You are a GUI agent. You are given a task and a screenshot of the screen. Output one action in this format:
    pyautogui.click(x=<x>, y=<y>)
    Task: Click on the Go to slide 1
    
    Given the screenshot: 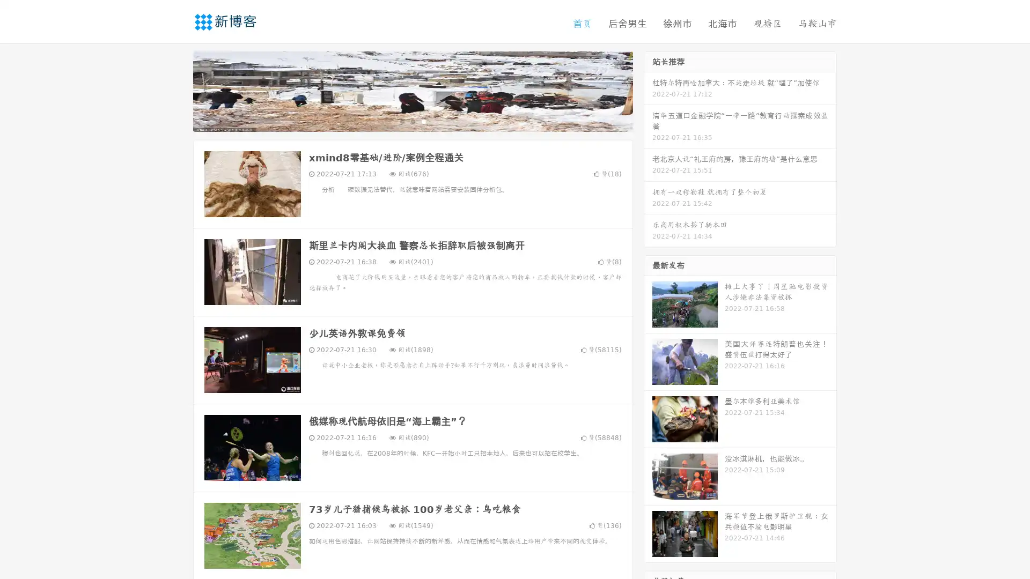 What is the action you would take?
    pyautogui.click(x=401, y=121)
    